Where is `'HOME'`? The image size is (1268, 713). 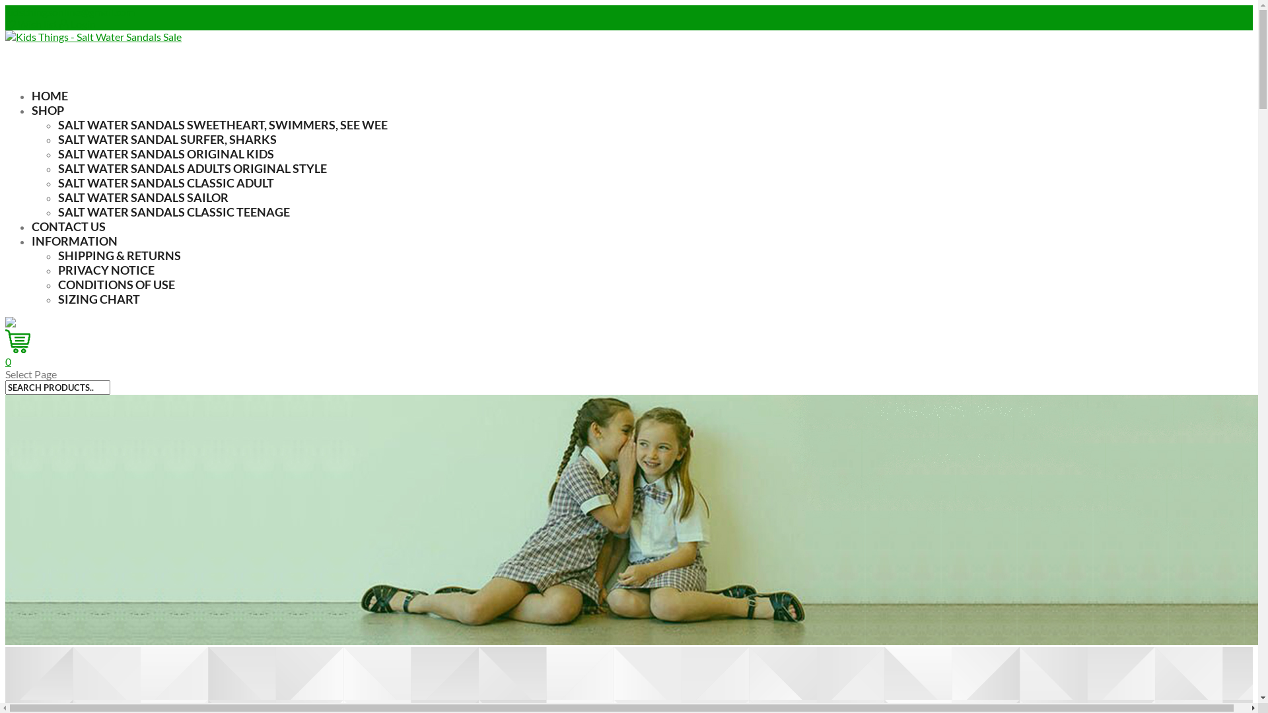 'HOME' is located at coordinates (32, 95).